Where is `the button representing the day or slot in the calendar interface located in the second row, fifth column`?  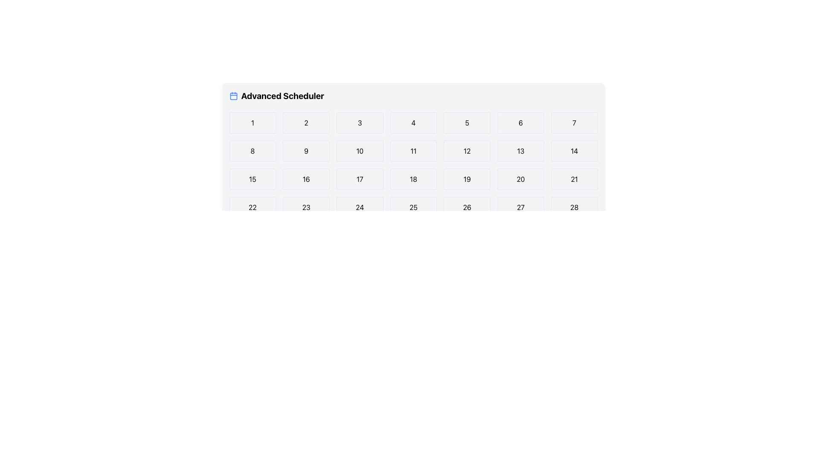 the button representing the day or slot in the calendar interface located in the second row, fifth column is located at coordinates (467, 151).